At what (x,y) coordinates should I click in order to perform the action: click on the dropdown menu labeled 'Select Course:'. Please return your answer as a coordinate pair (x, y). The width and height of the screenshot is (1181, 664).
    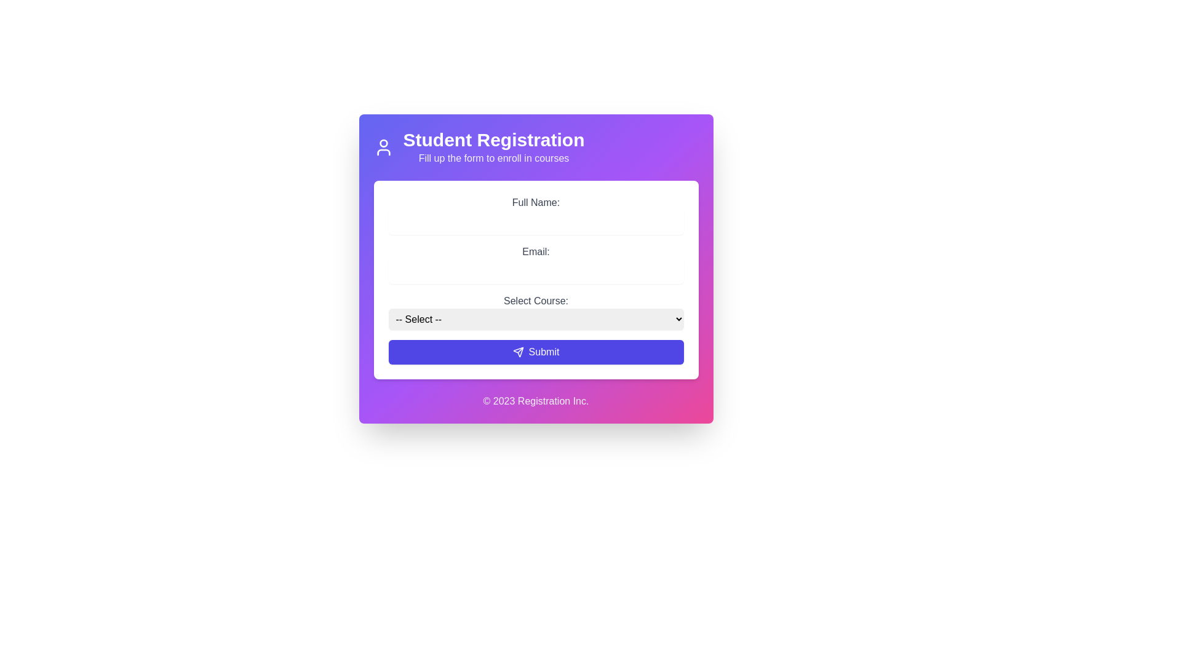
    Looking at the image, I should click on (536, 311).